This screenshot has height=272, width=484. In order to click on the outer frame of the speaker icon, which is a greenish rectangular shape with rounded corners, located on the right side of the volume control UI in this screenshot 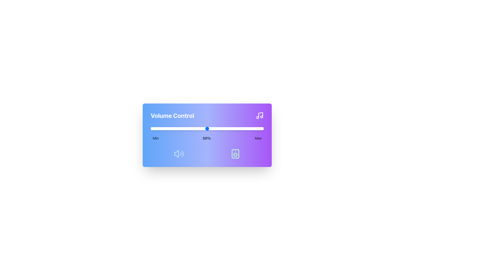, I will do `click(235, 153)`.